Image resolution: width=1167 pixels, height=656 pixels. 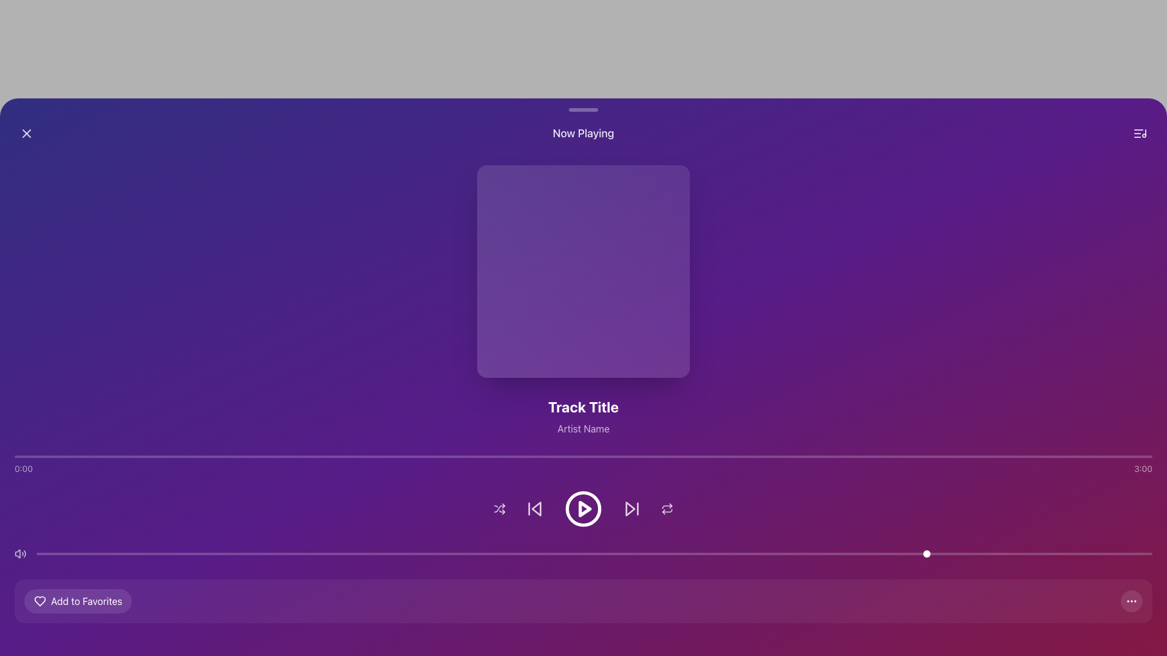 I want to click on the close/remove icon located in the top-left corner of the interface, which is a graphical representation for dismissing or hiding a section, so click(x=26, y=133).